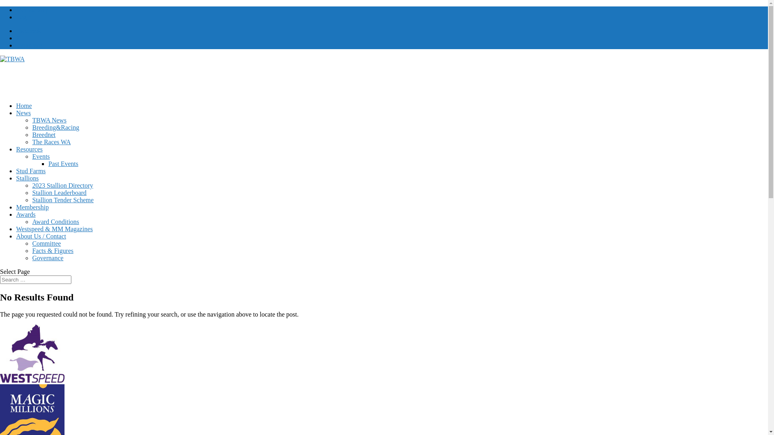  I want to click on 'Facebook', so click(29, 30).